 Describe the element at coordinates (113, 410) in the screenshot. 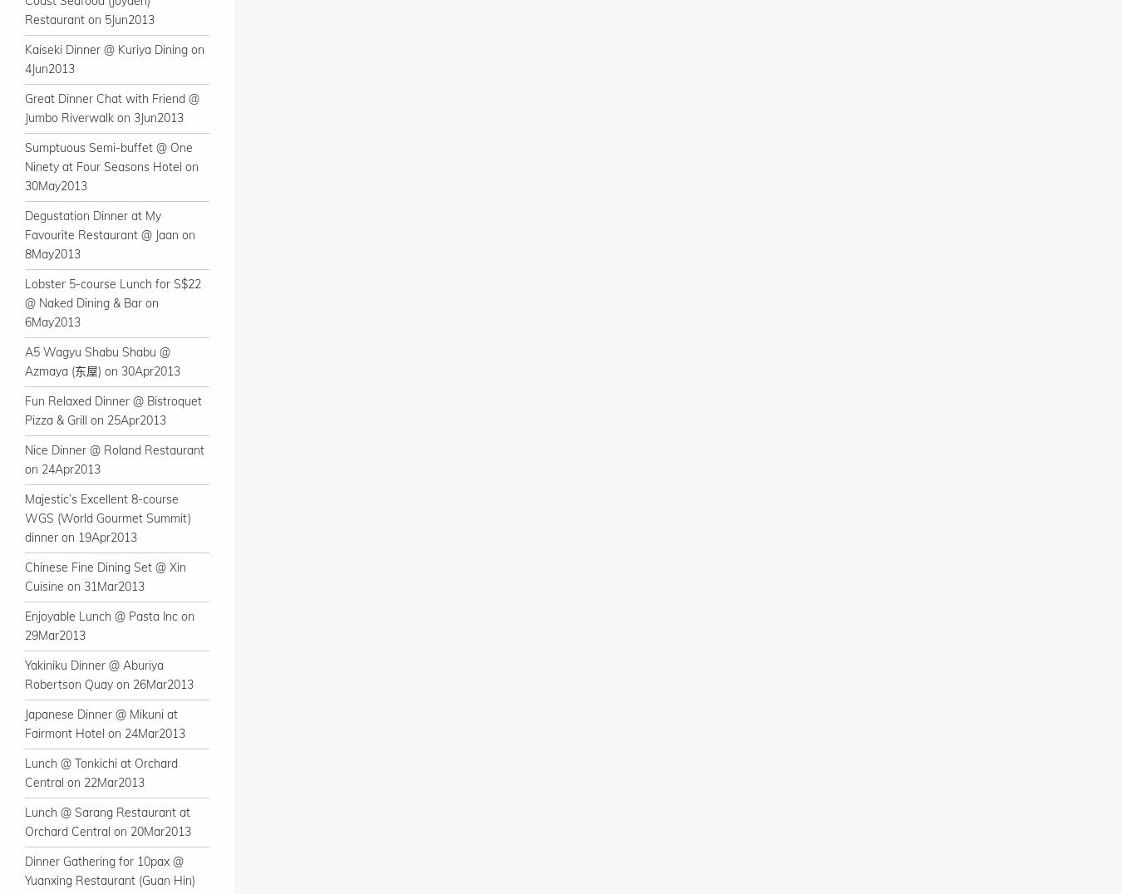

I see `'Fun Relaxed Dinner @ Bistroquet Pizza & Grill on 25Apr2013'` at that location.